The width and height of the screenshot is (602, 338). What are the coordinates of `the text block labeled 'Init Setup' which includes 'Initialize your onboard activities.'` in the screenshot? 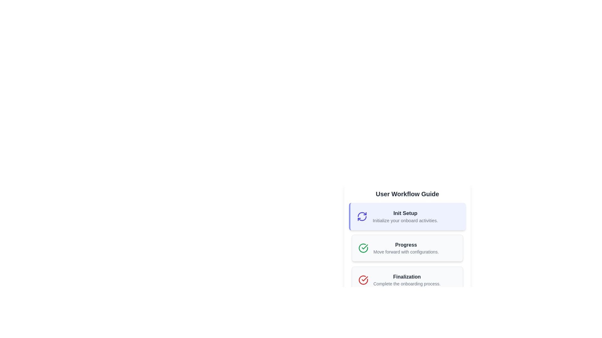 It's located at (405, 216).